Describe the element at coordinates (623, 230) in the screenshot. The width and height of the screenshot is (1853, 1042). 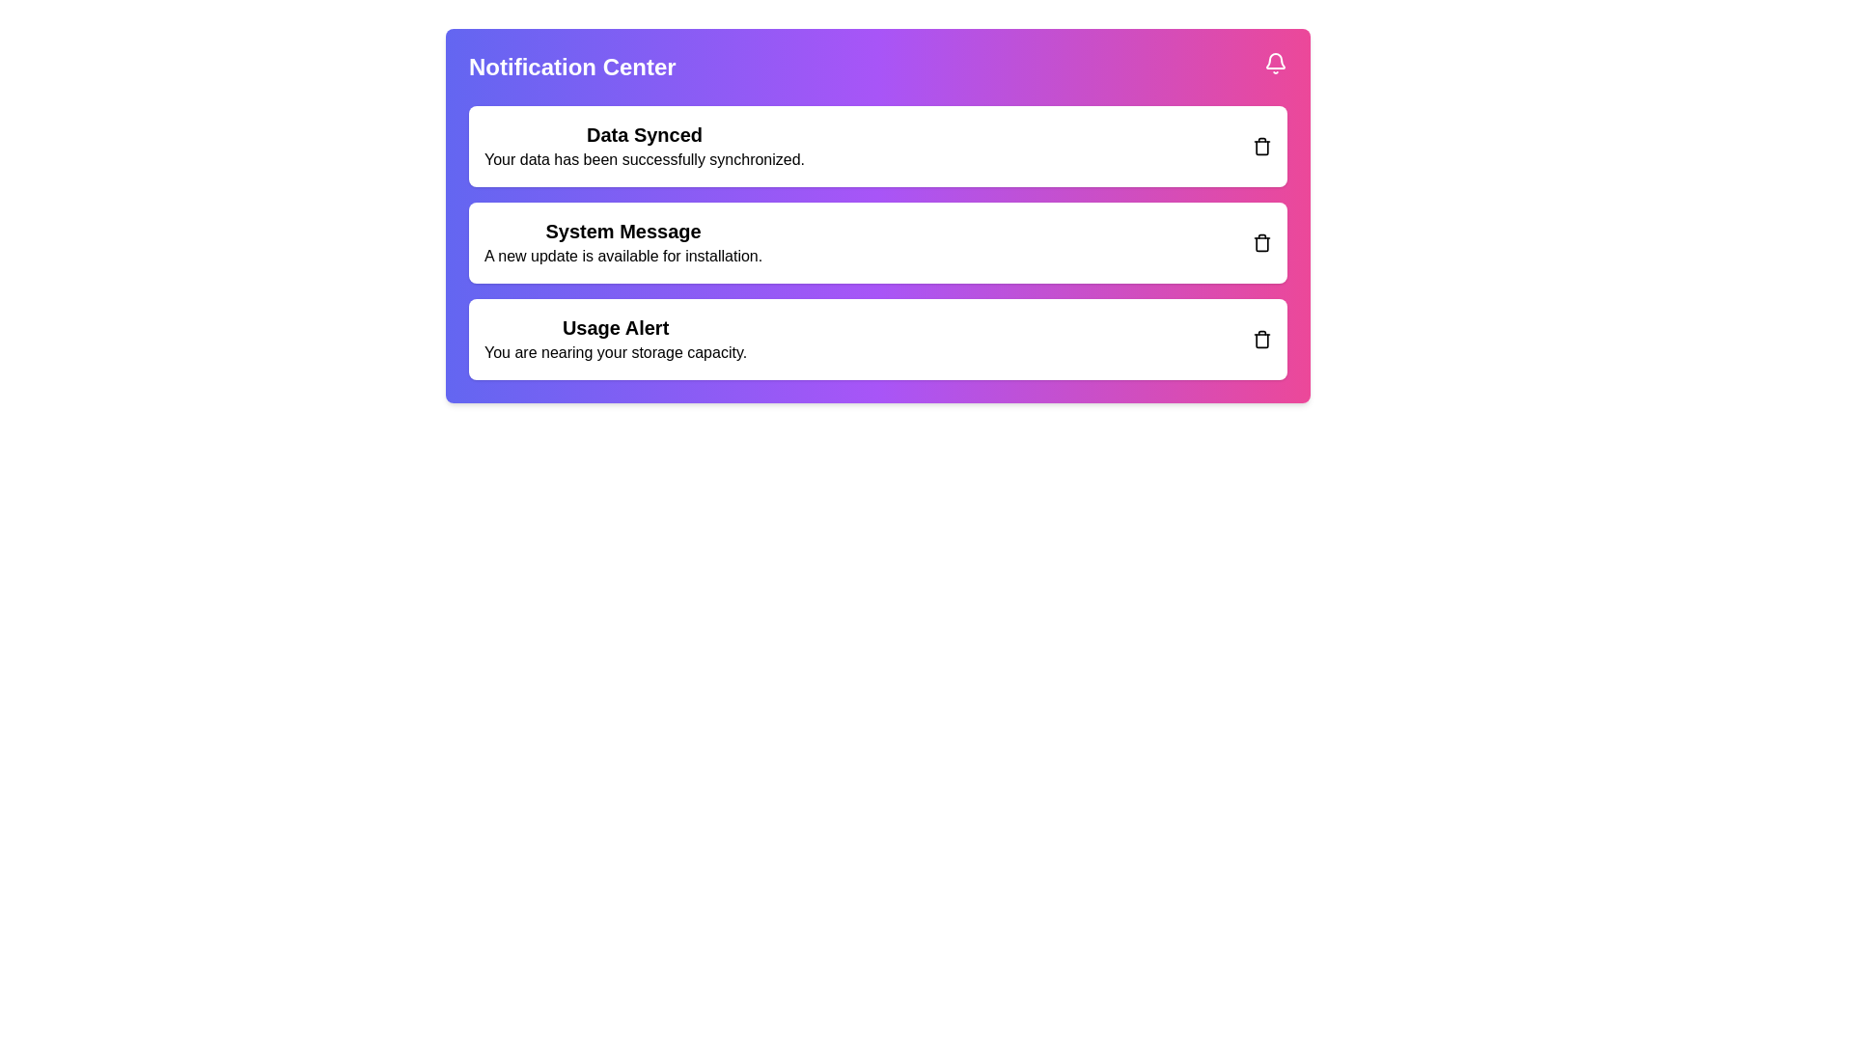
I see `bold text labeled 'System Message' located in the second notification card of the 'Notification Center', positioned above the phrase 'A new update is available for installation'` at that location.